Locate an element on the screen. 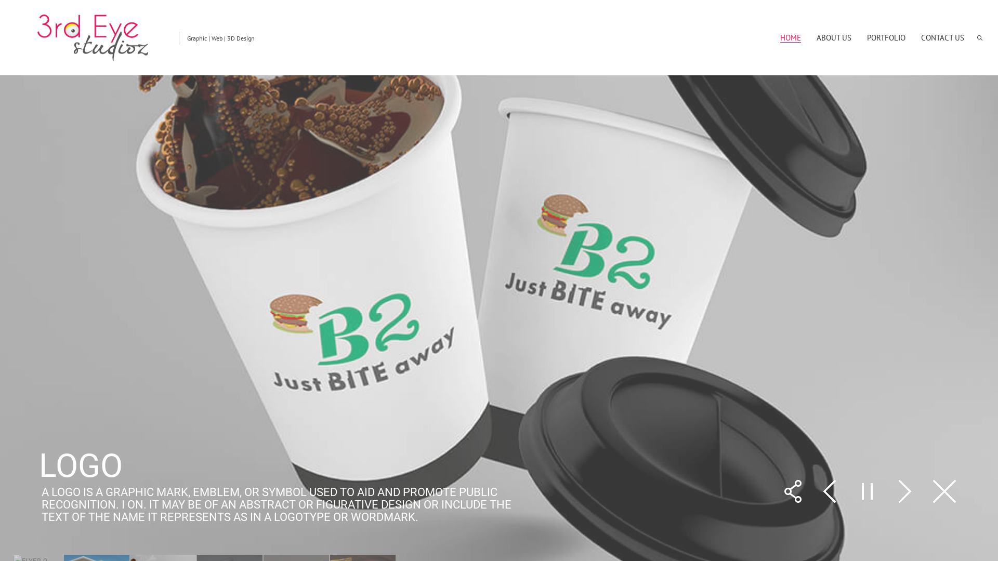 The image size is (998, 561). 'HOME' is located at coordinates (780, 37).